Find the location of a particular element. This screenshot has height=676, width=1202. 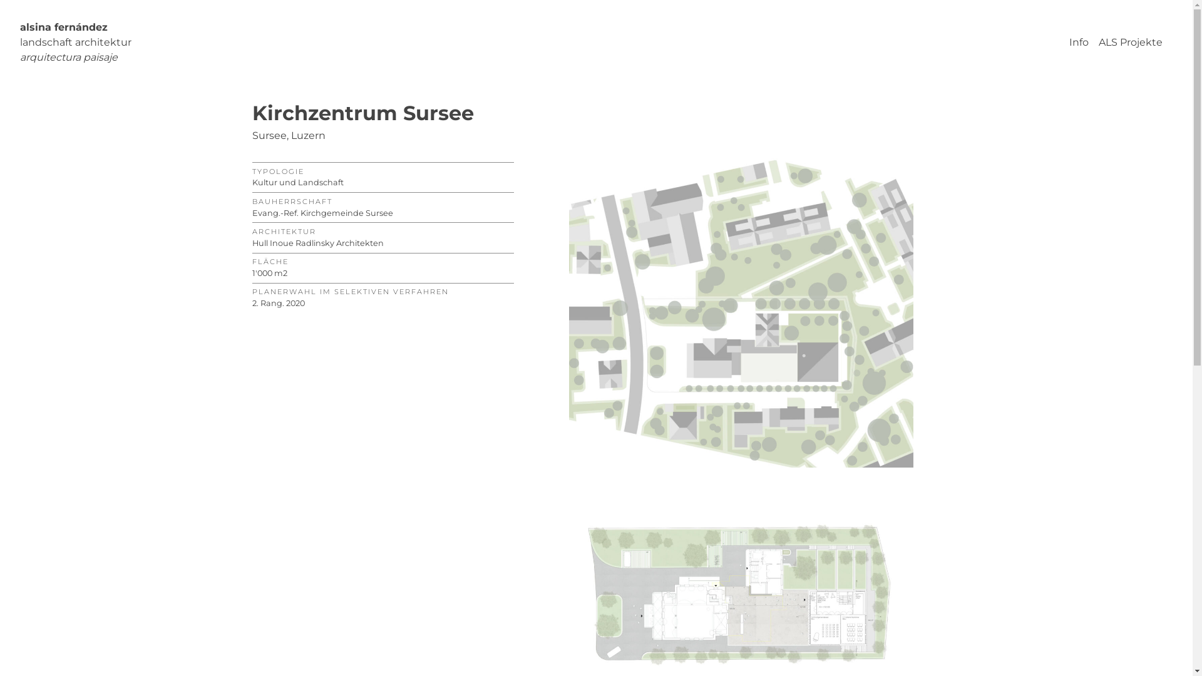

'Info' is located at coordinates (1078, 41).